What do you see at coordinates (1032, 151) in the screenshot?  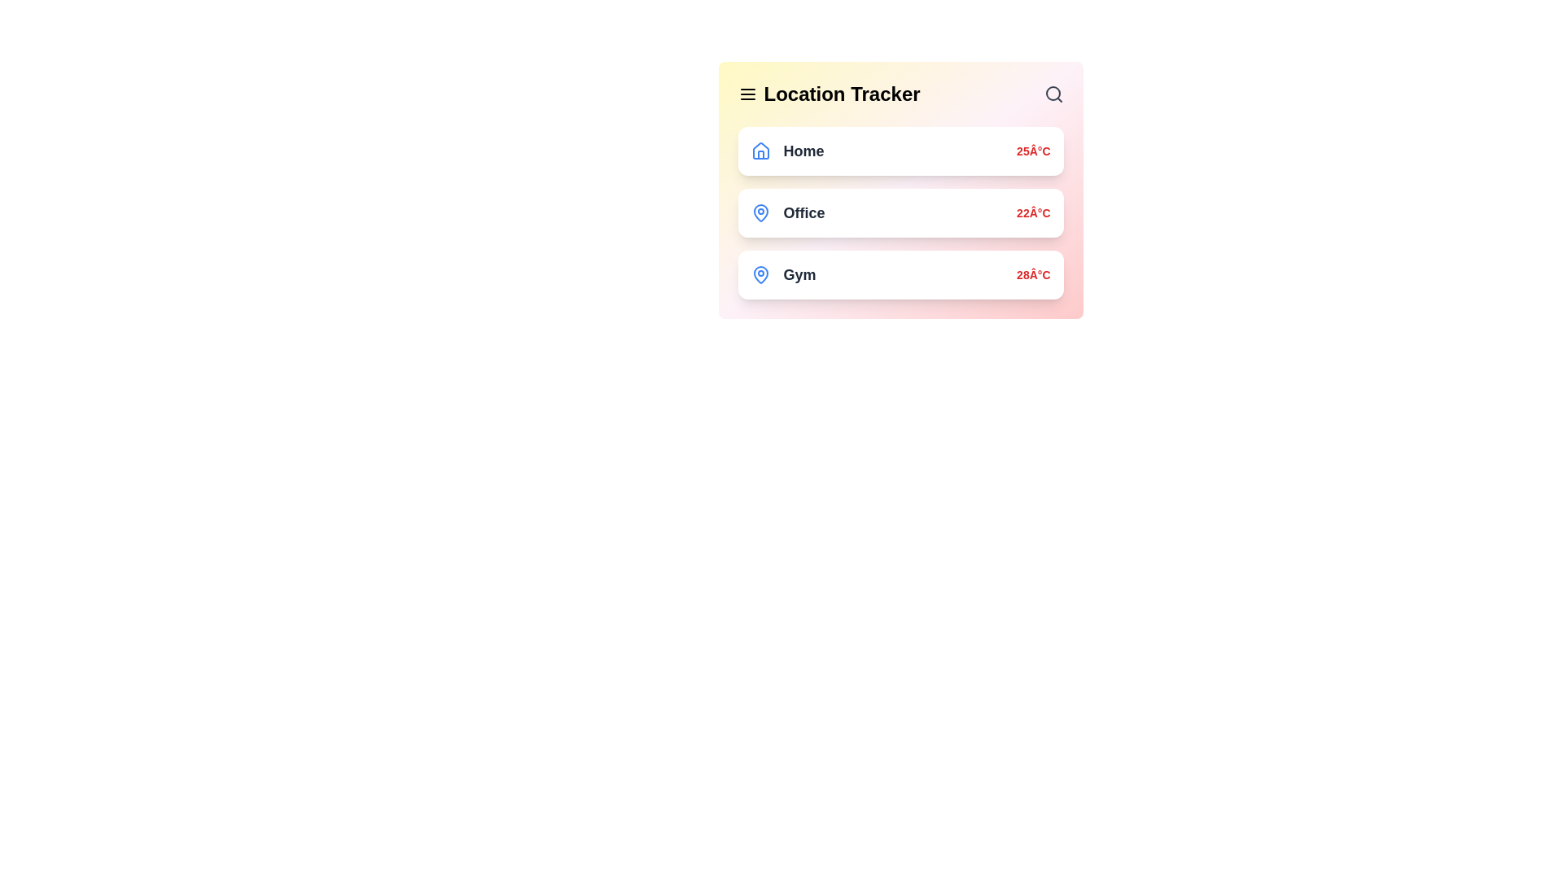 I see `the temperature value of Home to edit or inspect it` at bounding box center [1032, 151].